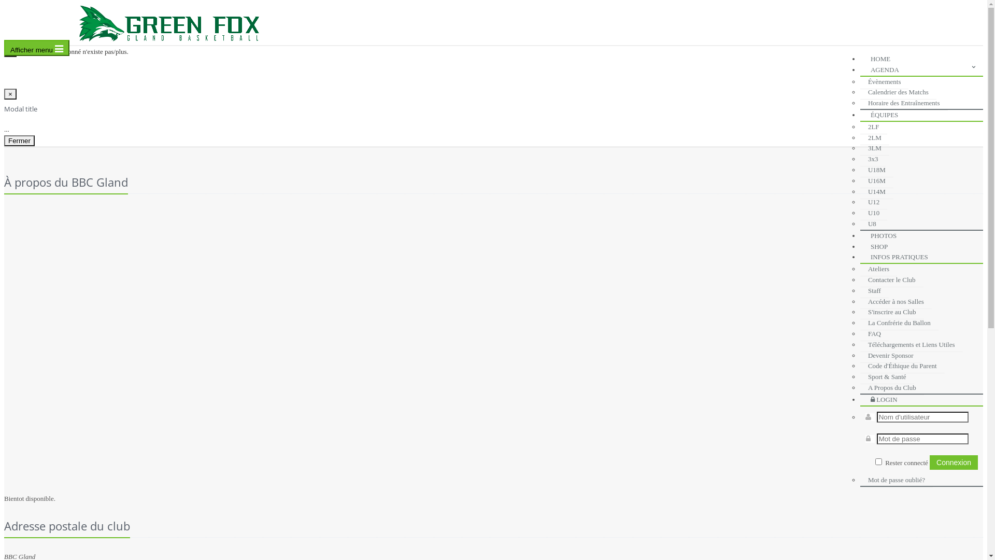  Describe the element at coordinates (898, 91) in the screenshot. I see `'Calendrier des Matchs'` at that location.